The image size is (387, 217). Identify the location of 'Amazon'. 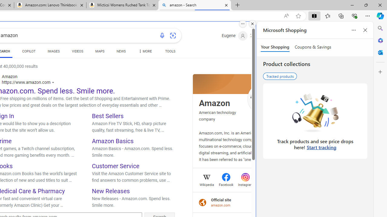
(214, 103).